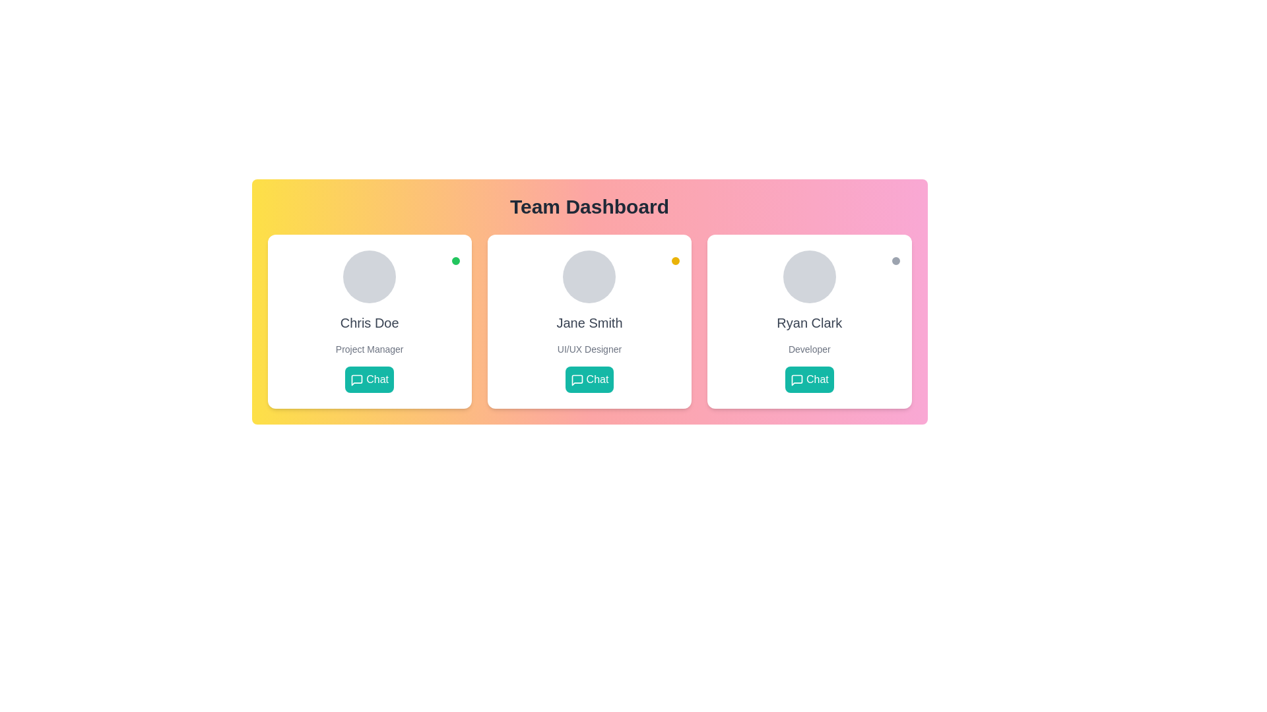  What do you see at coordinates (808, 322) in the screenshot?
I see `the profile card containing the user name text label located in the center of the third profile card on the dashboard, positioned below the avatar and above the role description 'Developer'` at bounding box center [808, 322].